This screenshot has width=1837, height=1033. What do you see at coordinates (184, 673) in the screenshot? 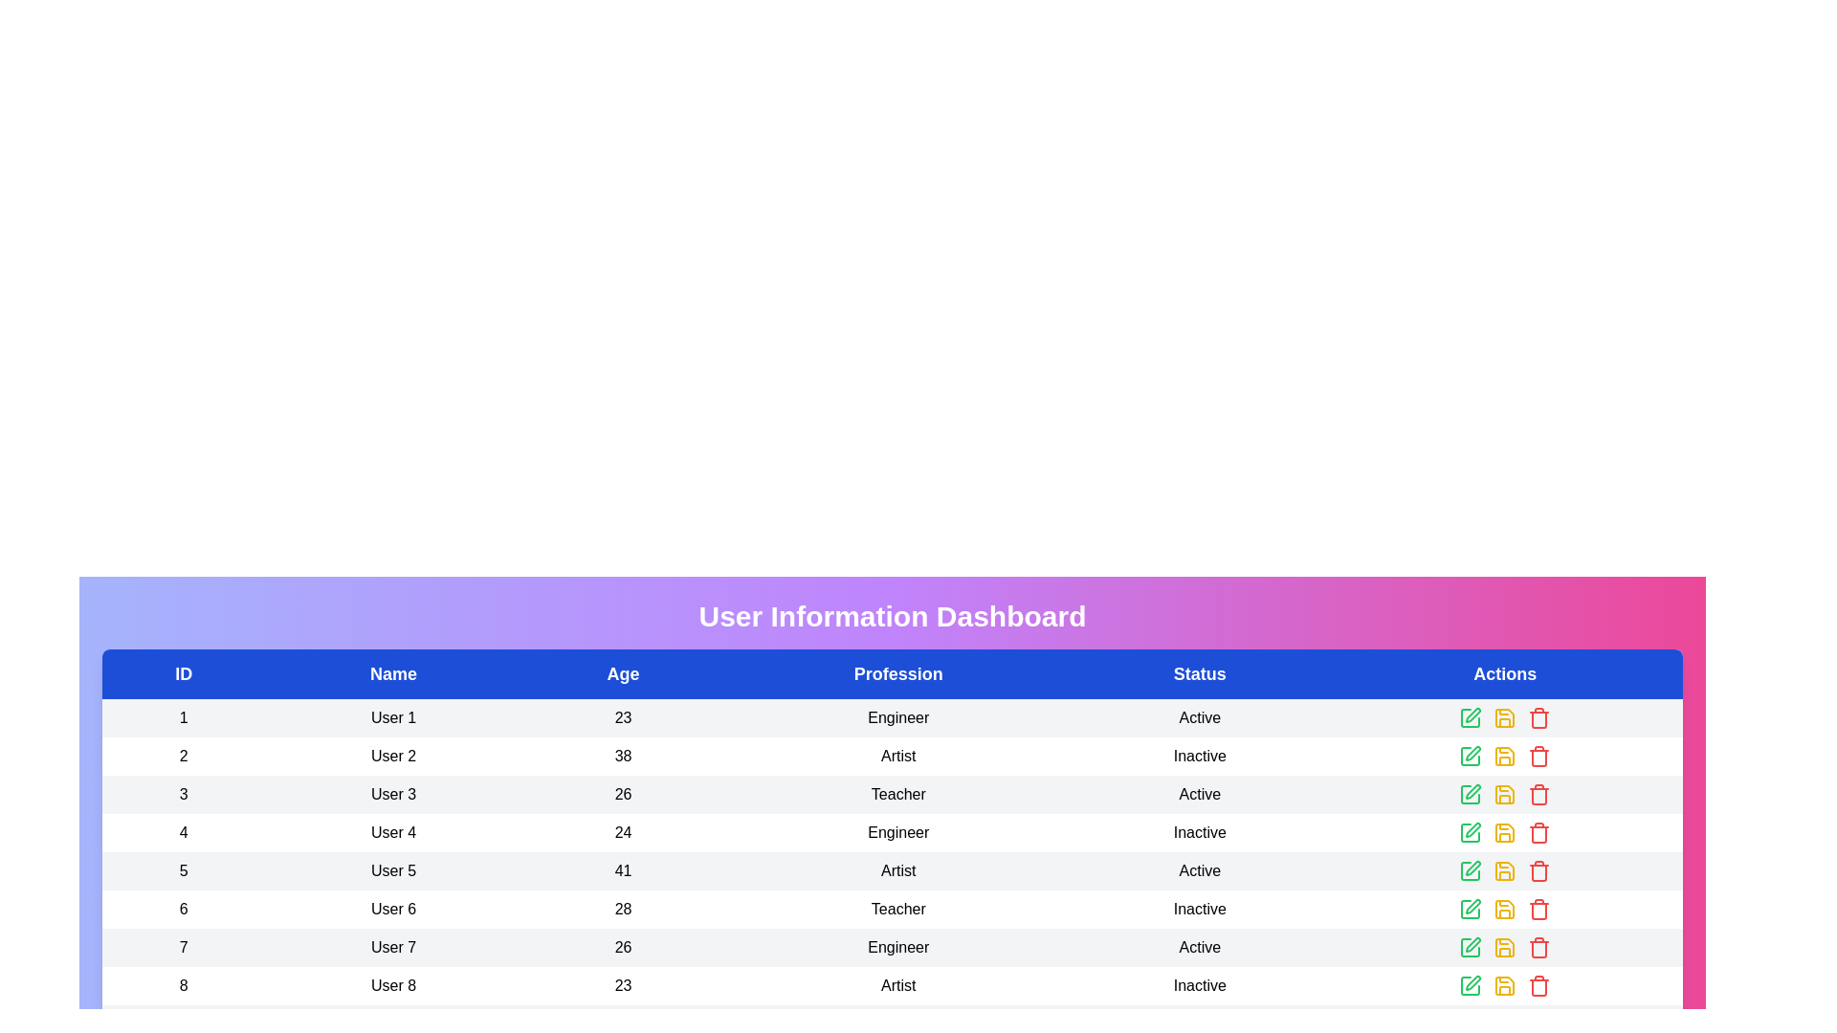
I see `the column header labeled 'ID' to sort the table by that column` at bounding box center [184, 673].